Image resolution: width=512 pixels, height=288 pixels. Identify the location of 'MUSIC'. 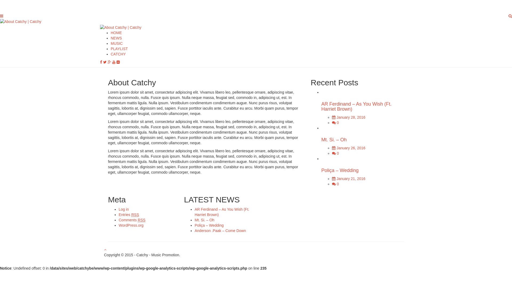
(116, 43).